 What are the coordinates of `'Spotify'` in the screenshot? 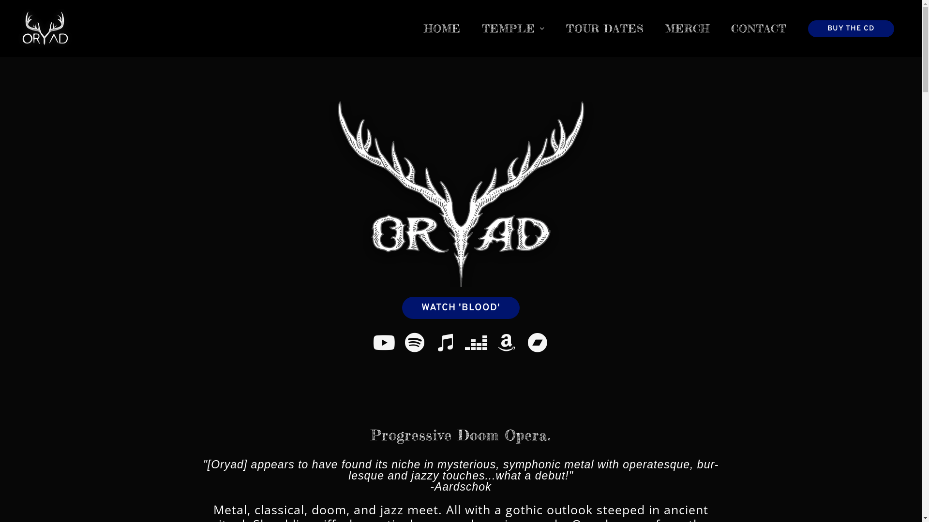 It's located at (401, 342).